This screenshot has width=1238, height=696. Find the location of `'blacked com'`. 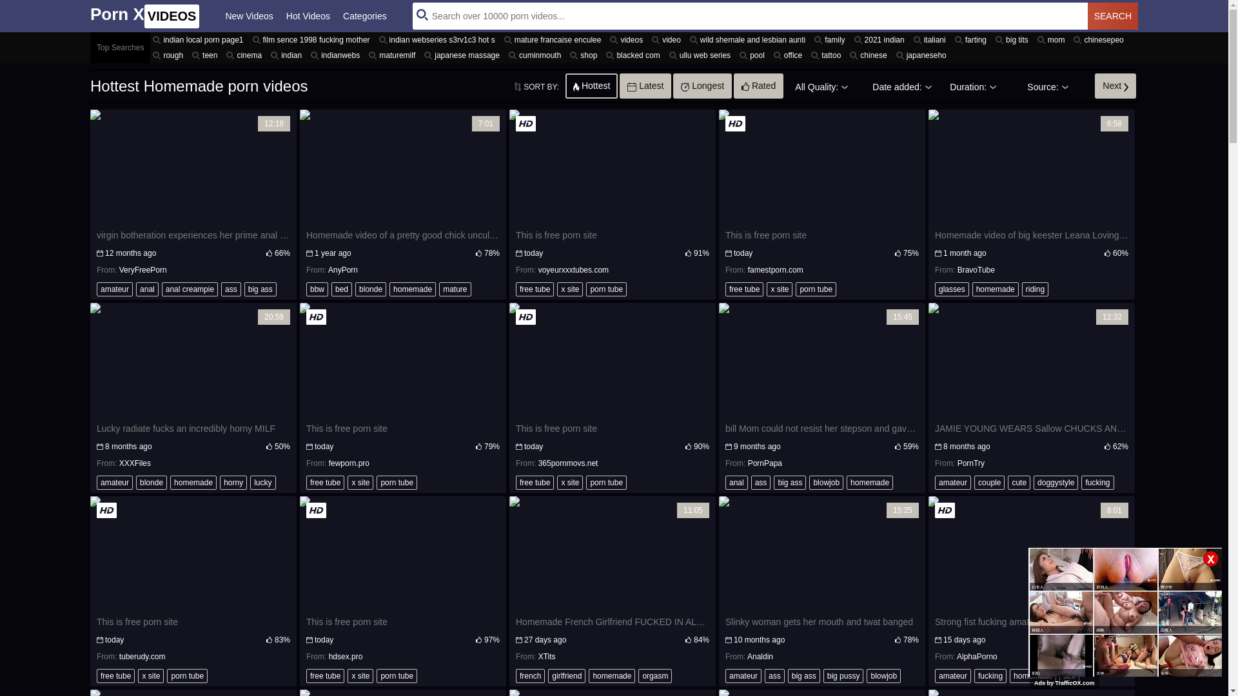

'blacked com' is located at coordinates (603, 54).